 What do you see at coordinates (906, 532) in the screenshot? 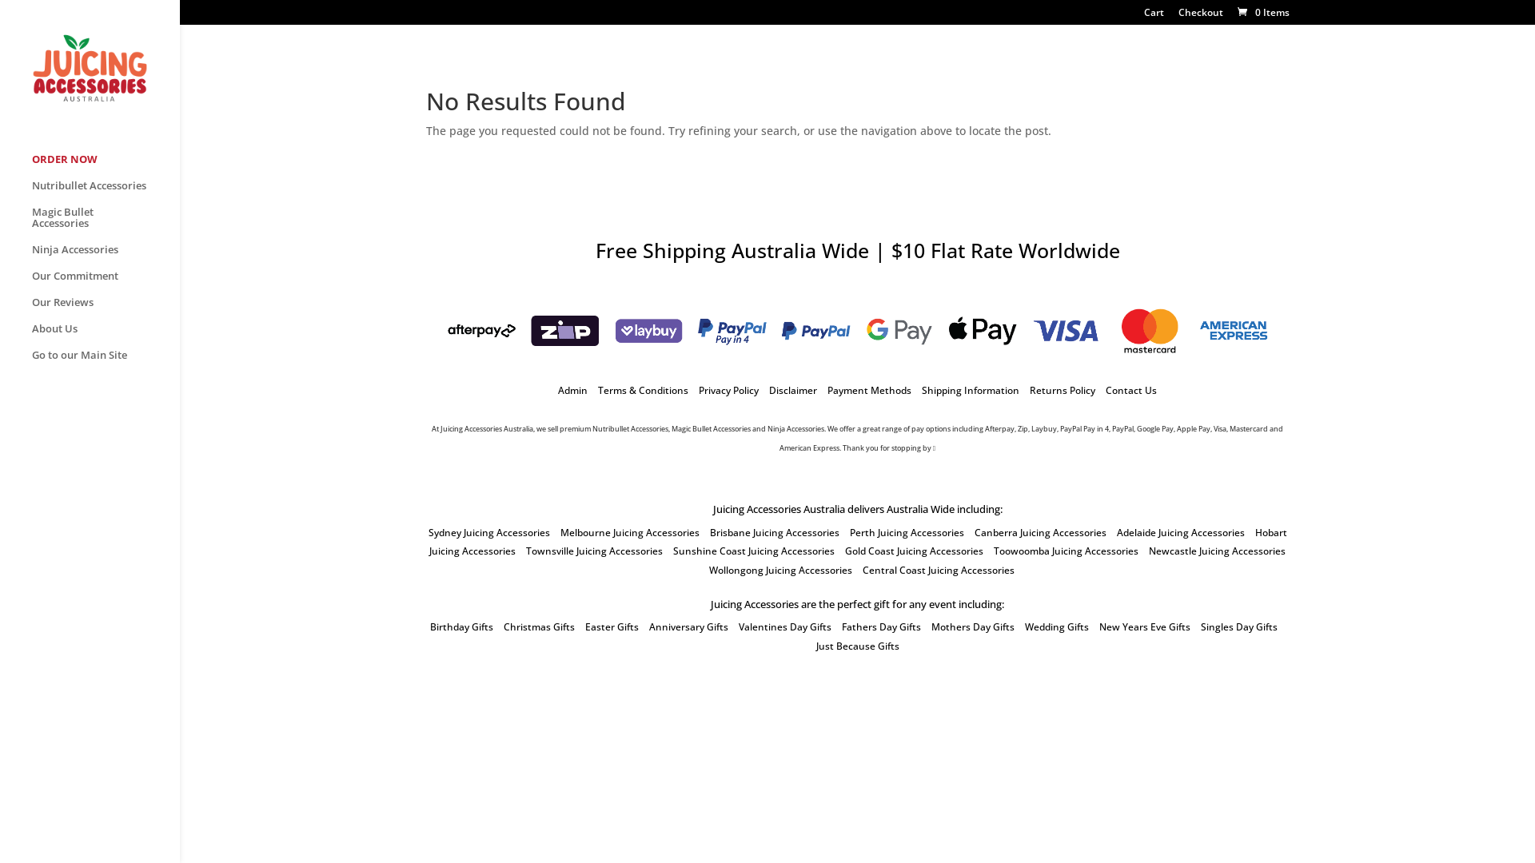
I see `'Perth Juicing Accessories'` at bounding box center [906, 532].